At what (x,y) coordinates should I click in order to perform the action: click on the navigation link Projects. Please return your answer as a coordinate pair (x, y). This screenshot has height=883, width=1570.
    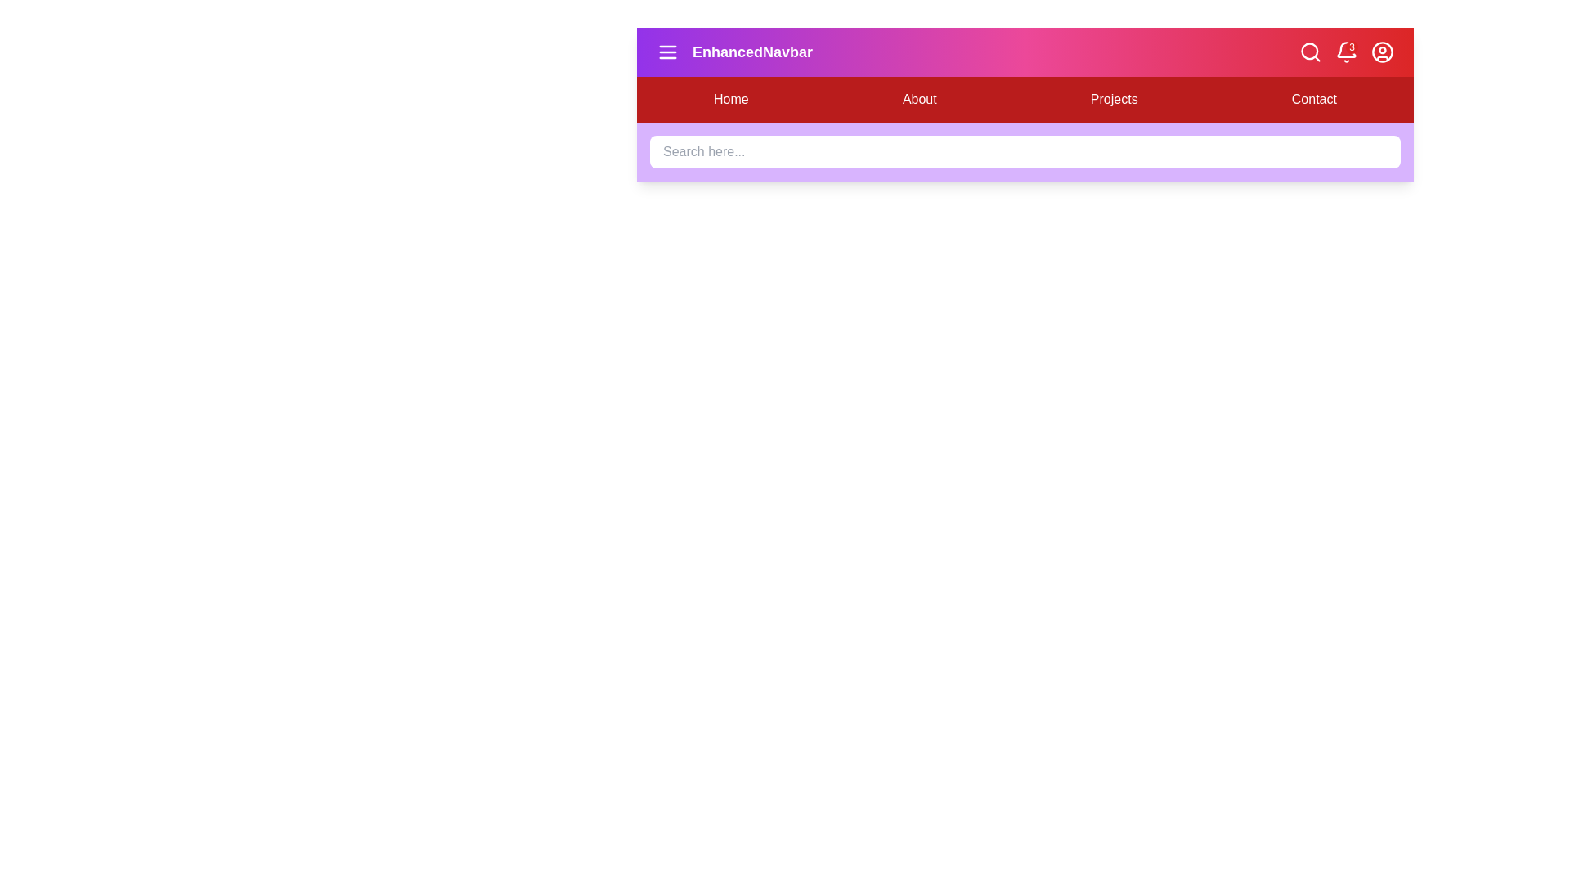
    Looking at the image, I should click on (1113, 100).